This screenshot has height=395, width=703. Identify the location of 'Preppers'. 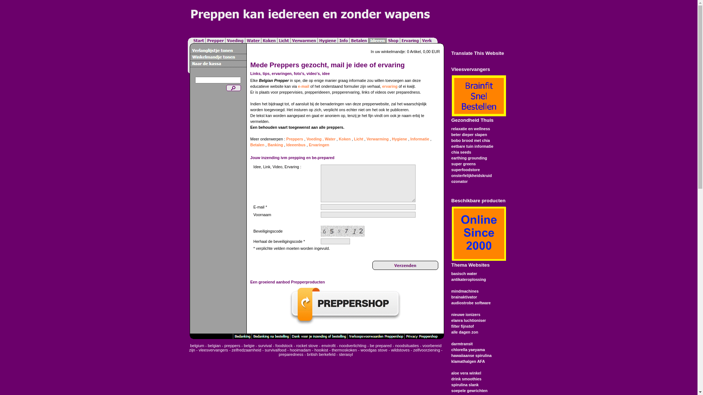
(295, 139).